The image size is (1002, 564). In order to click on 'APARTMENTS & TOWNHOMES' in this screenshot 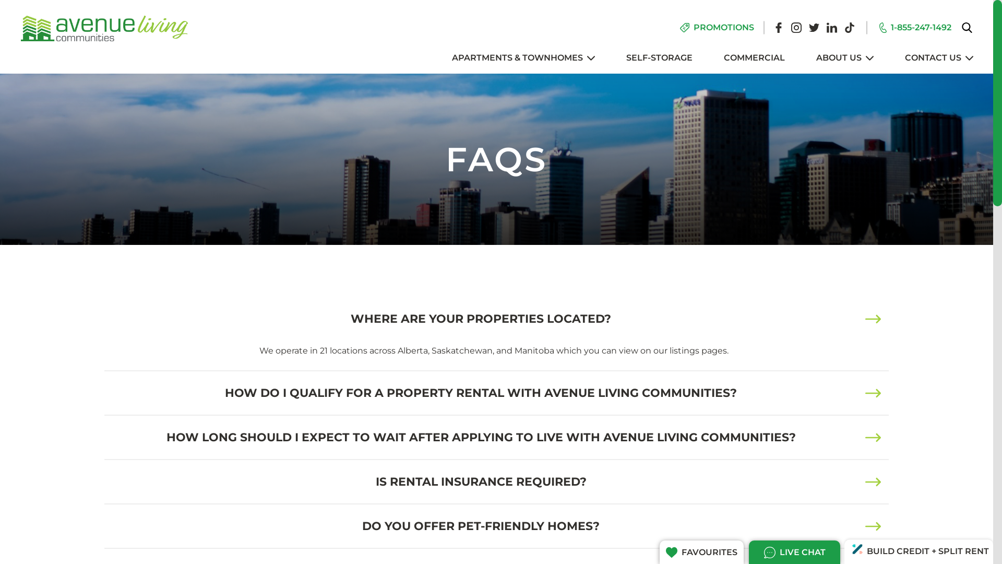, I will do `click(436, 58)`.